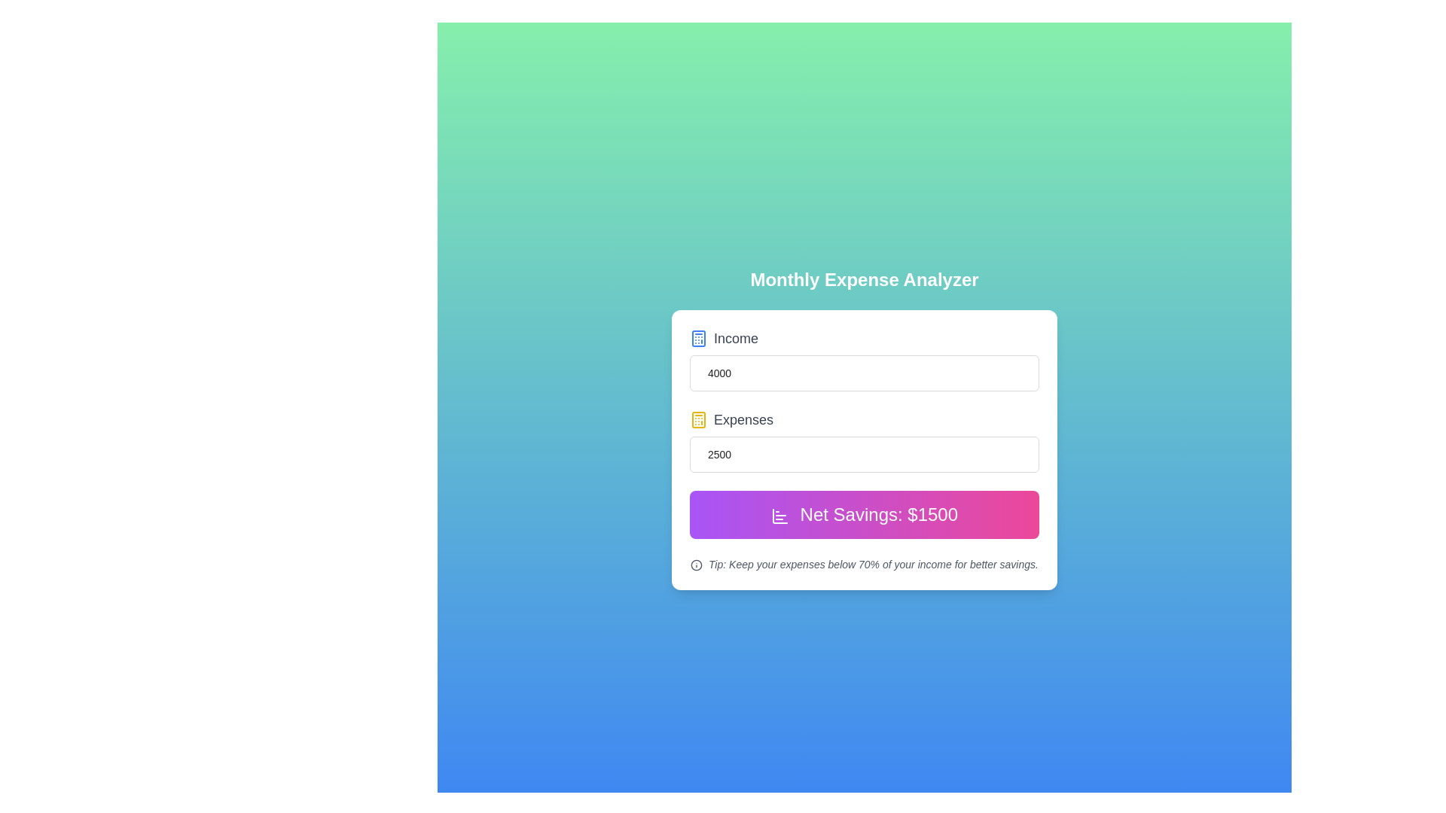  Describe the element at coordinates (1038, 462) in the screenshot. I see `the 'Decrease Value' button located below the 'Increase Value' button in the 'Expenses' control group` at that location.